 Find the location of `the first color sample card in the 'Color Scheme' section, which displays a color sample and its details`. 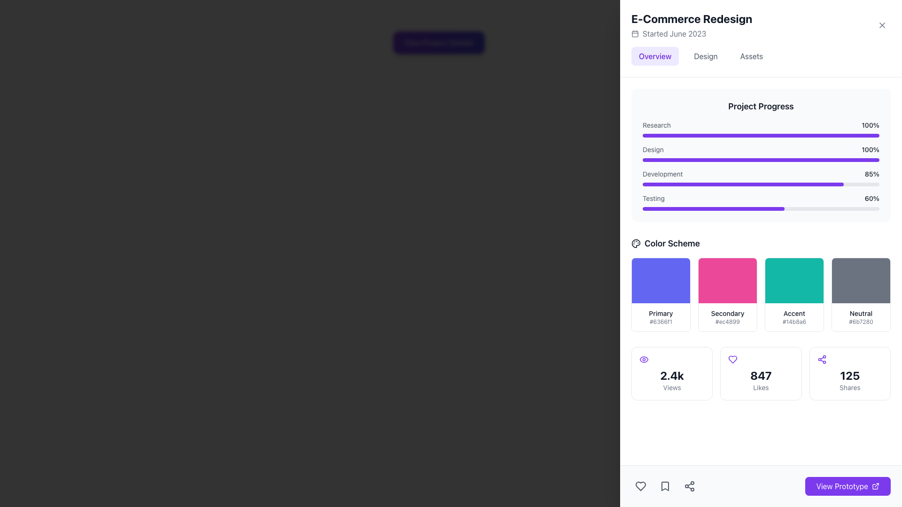

the first color sample card in the 'Color Scheme' section, which displays a color sample and its details is located at coordinates (660, 294).